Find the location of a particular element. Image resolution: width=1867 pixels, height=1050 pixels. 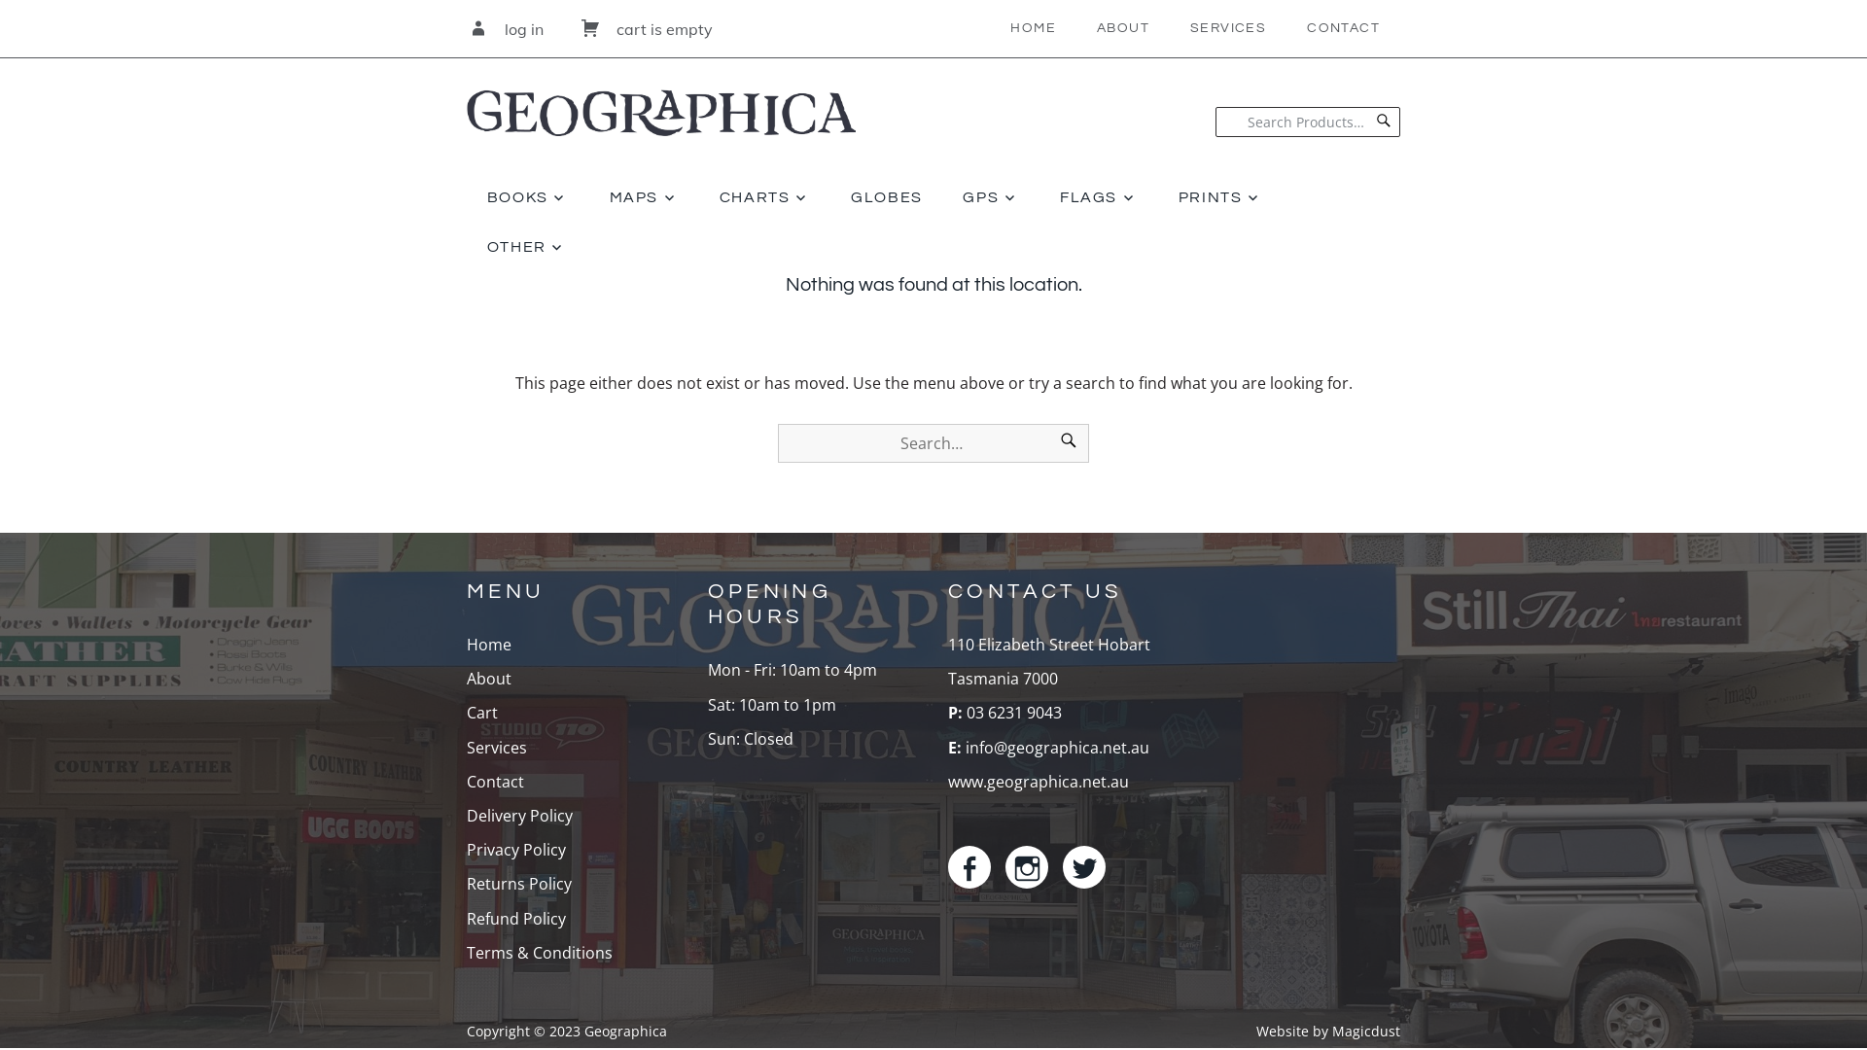

'PRINTS' is located at coordinates (1218, 197).